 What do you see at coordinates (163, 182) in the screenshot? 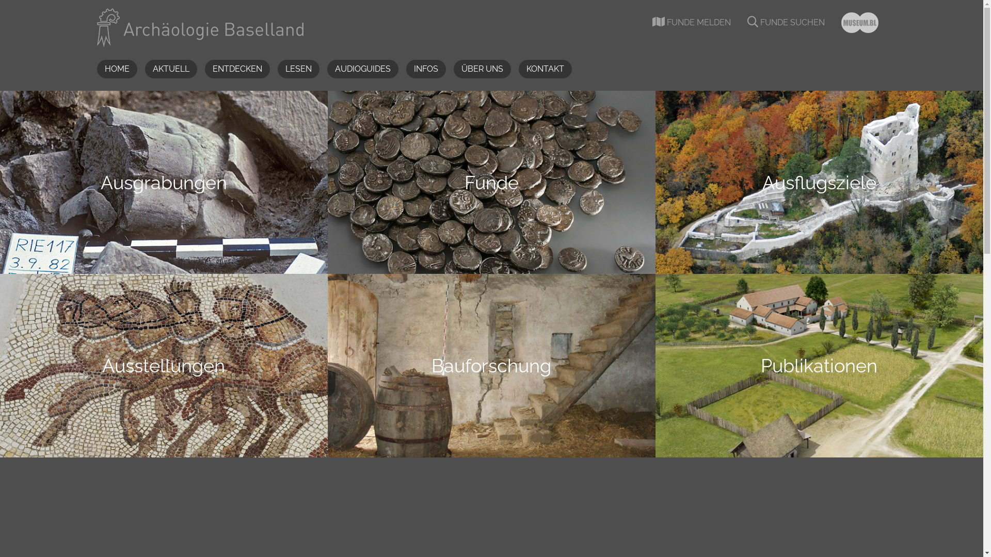
I see `'Ausgrabungen'` at bounding box center [163, 182].